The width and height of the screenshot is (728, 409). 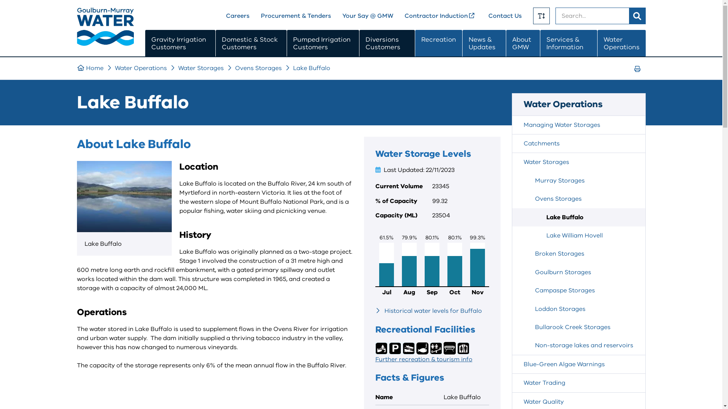 I want to click on 'Campaspe Storages', so click(x=578, y=290).